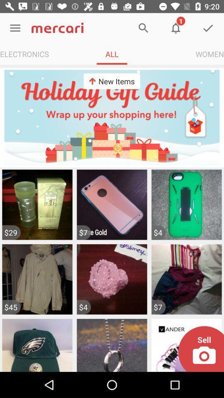 The height and width of the screenshot is (398, 224). Describe the element at coordinates (112, 81) in the screenshot. I see `the app below the all item` at that location.